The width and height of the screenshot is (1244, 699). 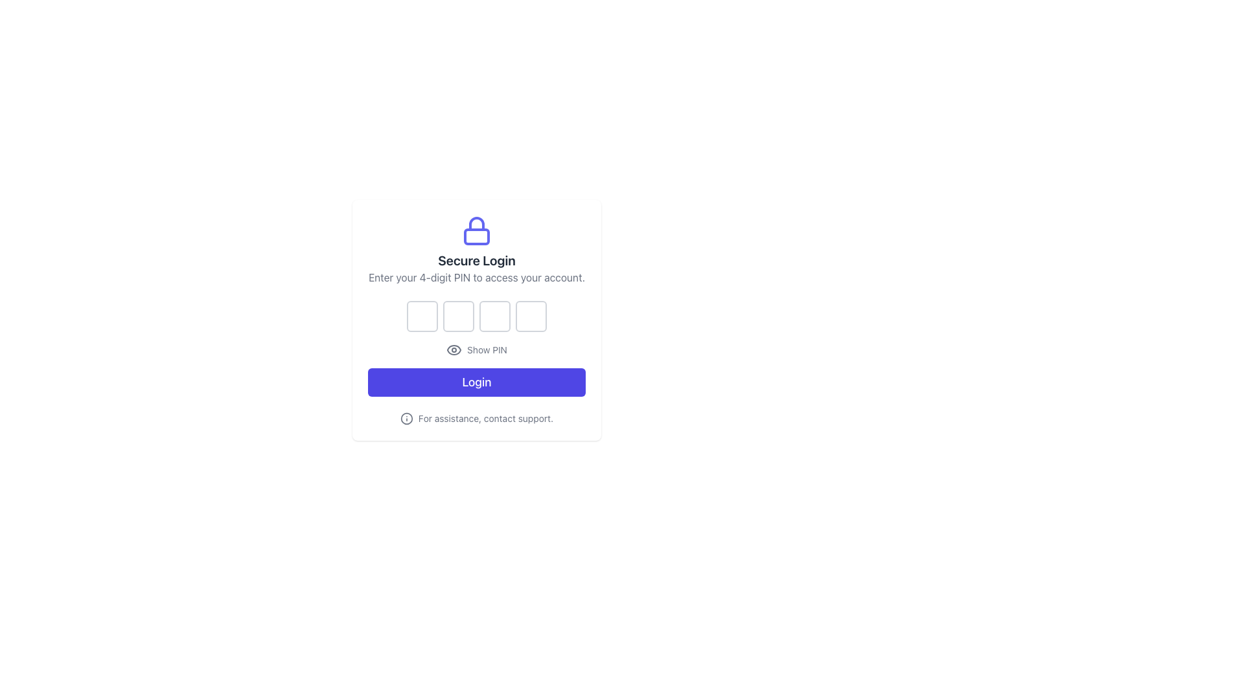 I want to click on text content of the Text Label stating 'For assistance, contact support.' located at the bottom part of the login interface, styled in gray and positioned to the right of an informational icon, so click(x=485, y=419).